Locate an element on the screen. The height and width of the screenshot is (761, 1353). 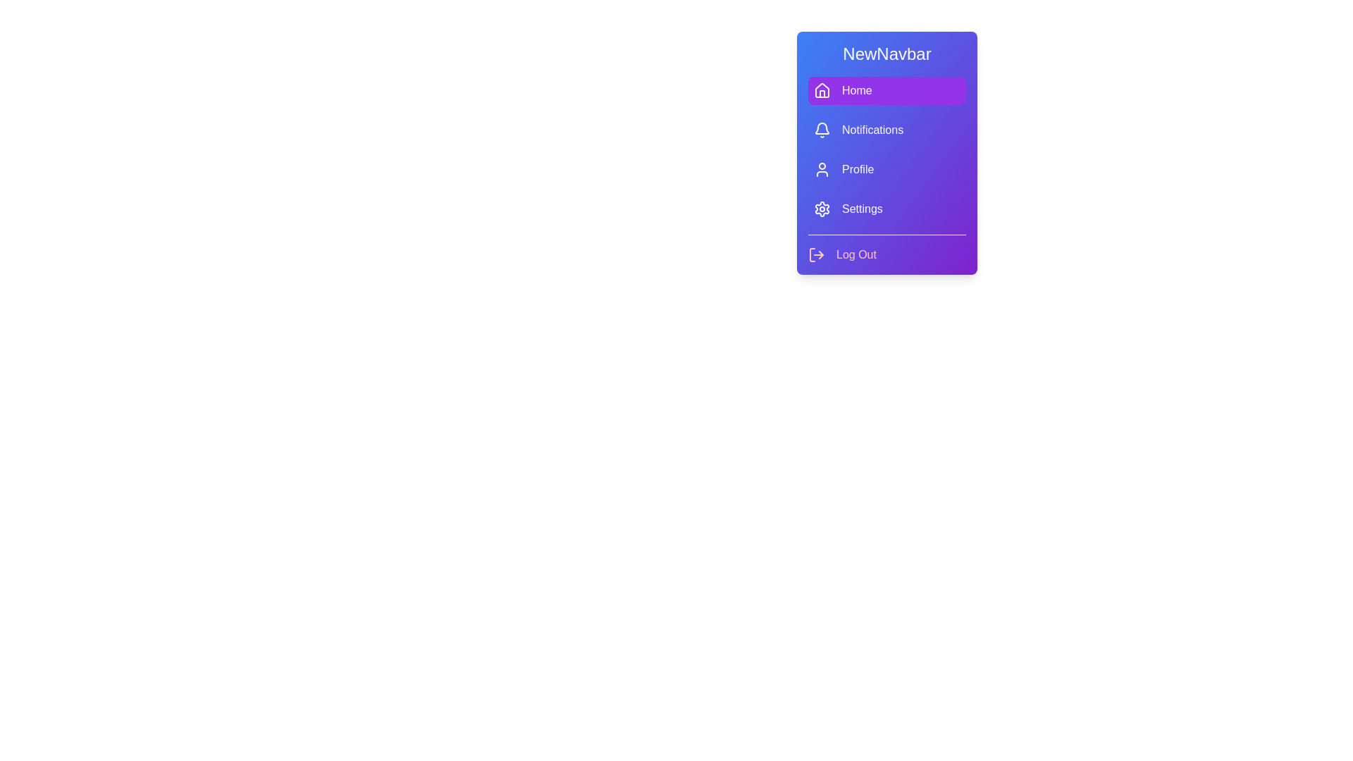
the notification bell icon located to the left of the 'Notifications' text is located at coordinates (822, 130).